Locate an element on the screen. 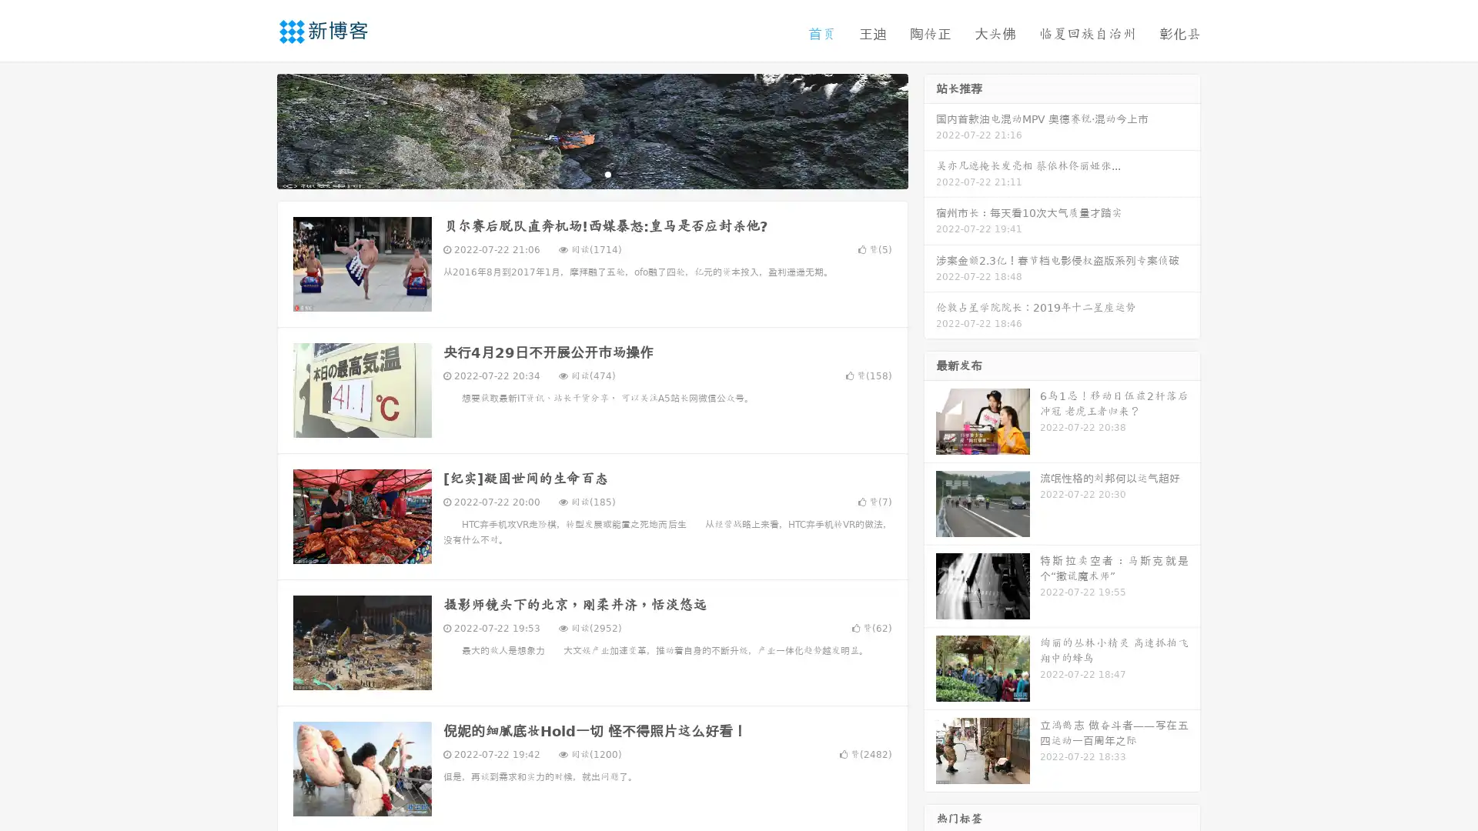  Next slide is located at coordinates (930, 129).